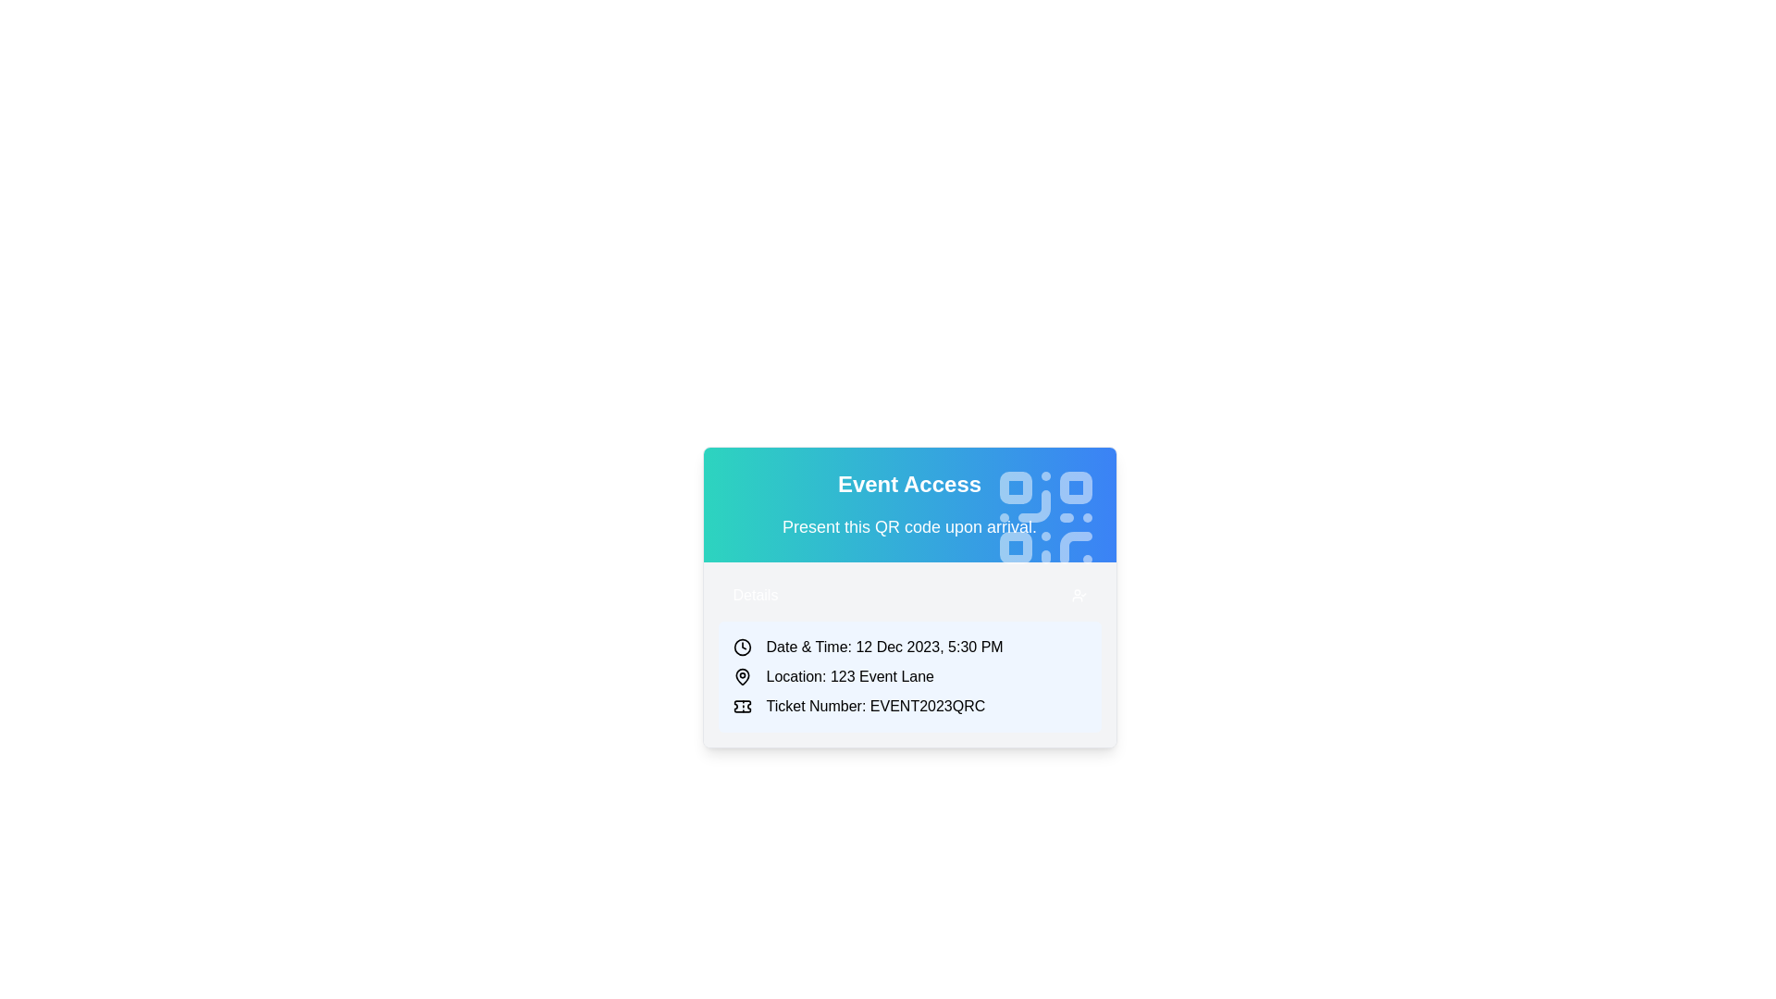 Image resolution: width=1776 pixels, height=999 pixels. Describe the element at coordinates (909, 596) in the screenshot. I see `the button that provides additional details about an event, located above the 'Date & Time: 12 Dec 2023, 5:30 PM' row` at that location.